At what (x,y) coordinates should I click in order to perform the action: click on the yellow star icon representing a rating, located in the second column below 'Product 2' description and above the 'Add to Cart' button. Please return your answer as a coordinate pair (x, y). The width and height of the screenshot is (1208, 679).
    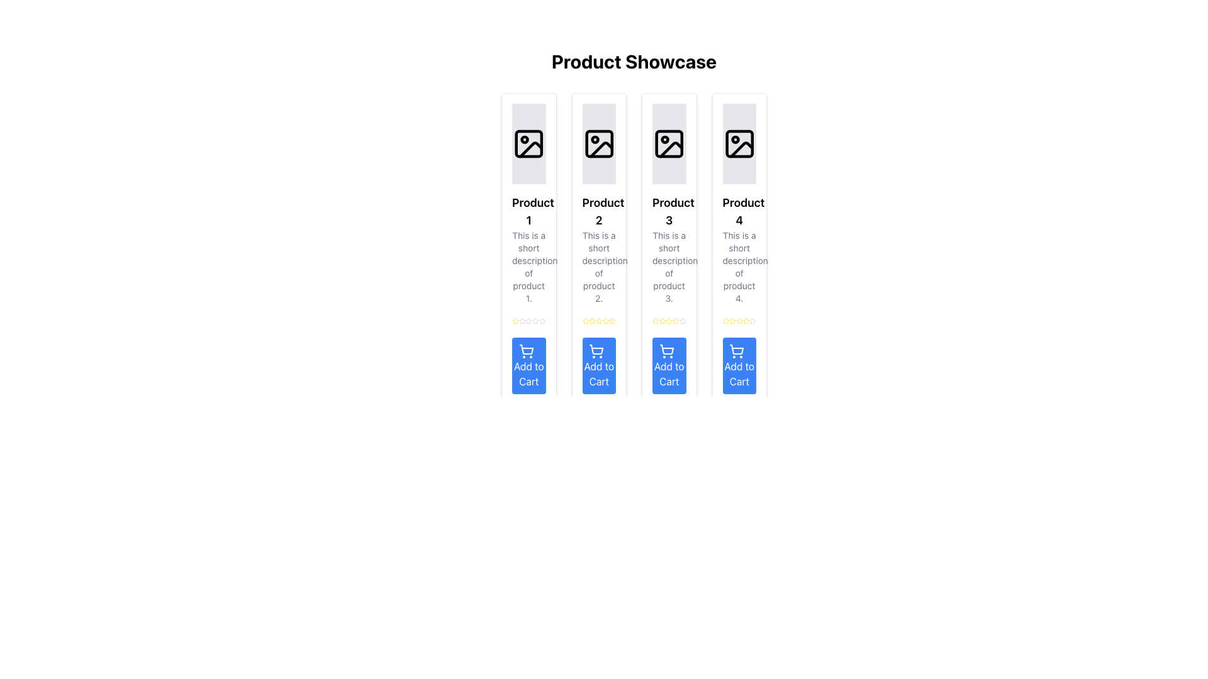
    Looking at the image, I should click on (612, 320).